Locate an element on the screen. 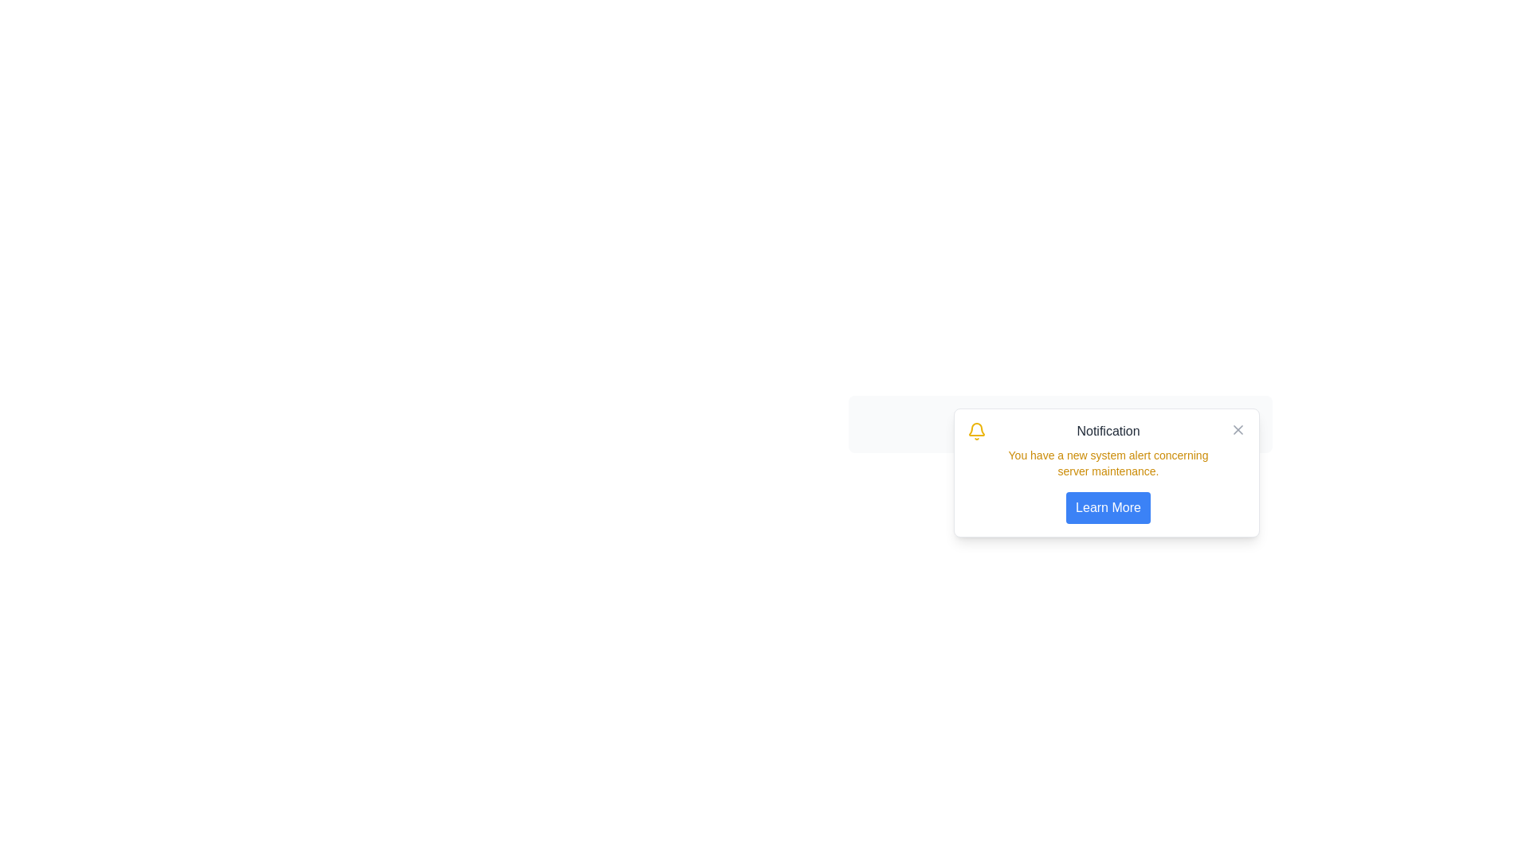  the bell icon indicating notifications at the top-left corner of the notification box is located at coordinates (975, 428).